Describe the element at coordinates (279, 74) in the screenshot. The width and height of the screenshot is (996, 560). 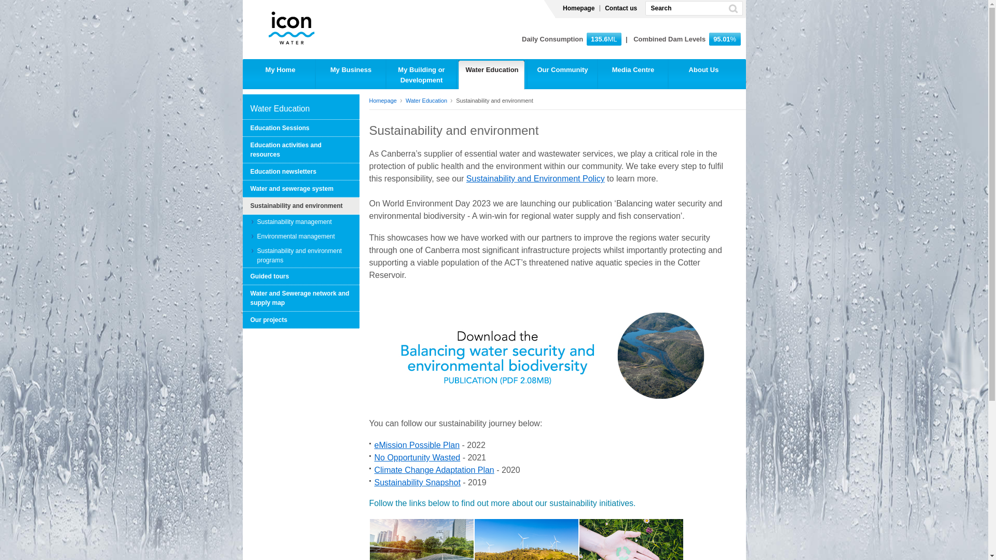
I see `'My Home'` at that location.